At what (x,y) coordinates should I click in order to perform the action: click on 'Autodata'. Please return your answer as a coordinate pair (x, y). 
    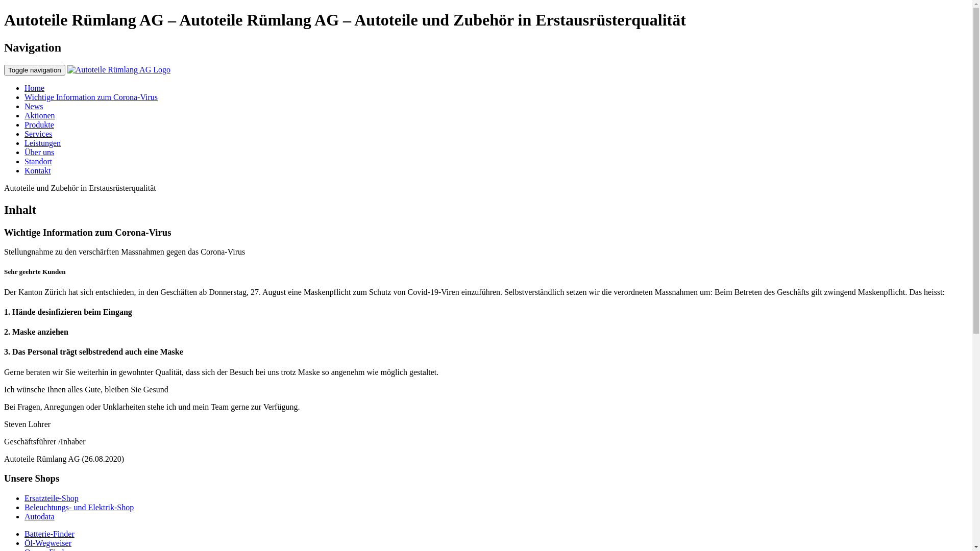
    Looking at the image, I should click on (39, 516).